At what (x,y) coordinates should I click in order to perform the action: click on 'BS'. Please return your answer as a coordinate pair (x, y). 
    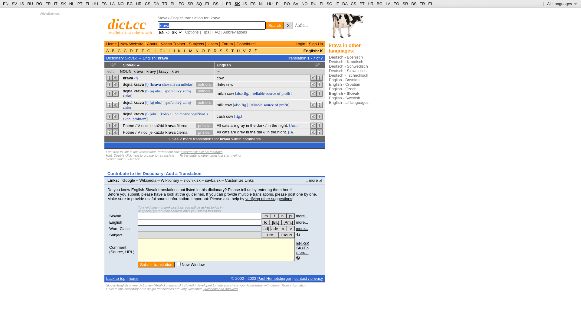
    Looking at the image, I should click on (216, 4).